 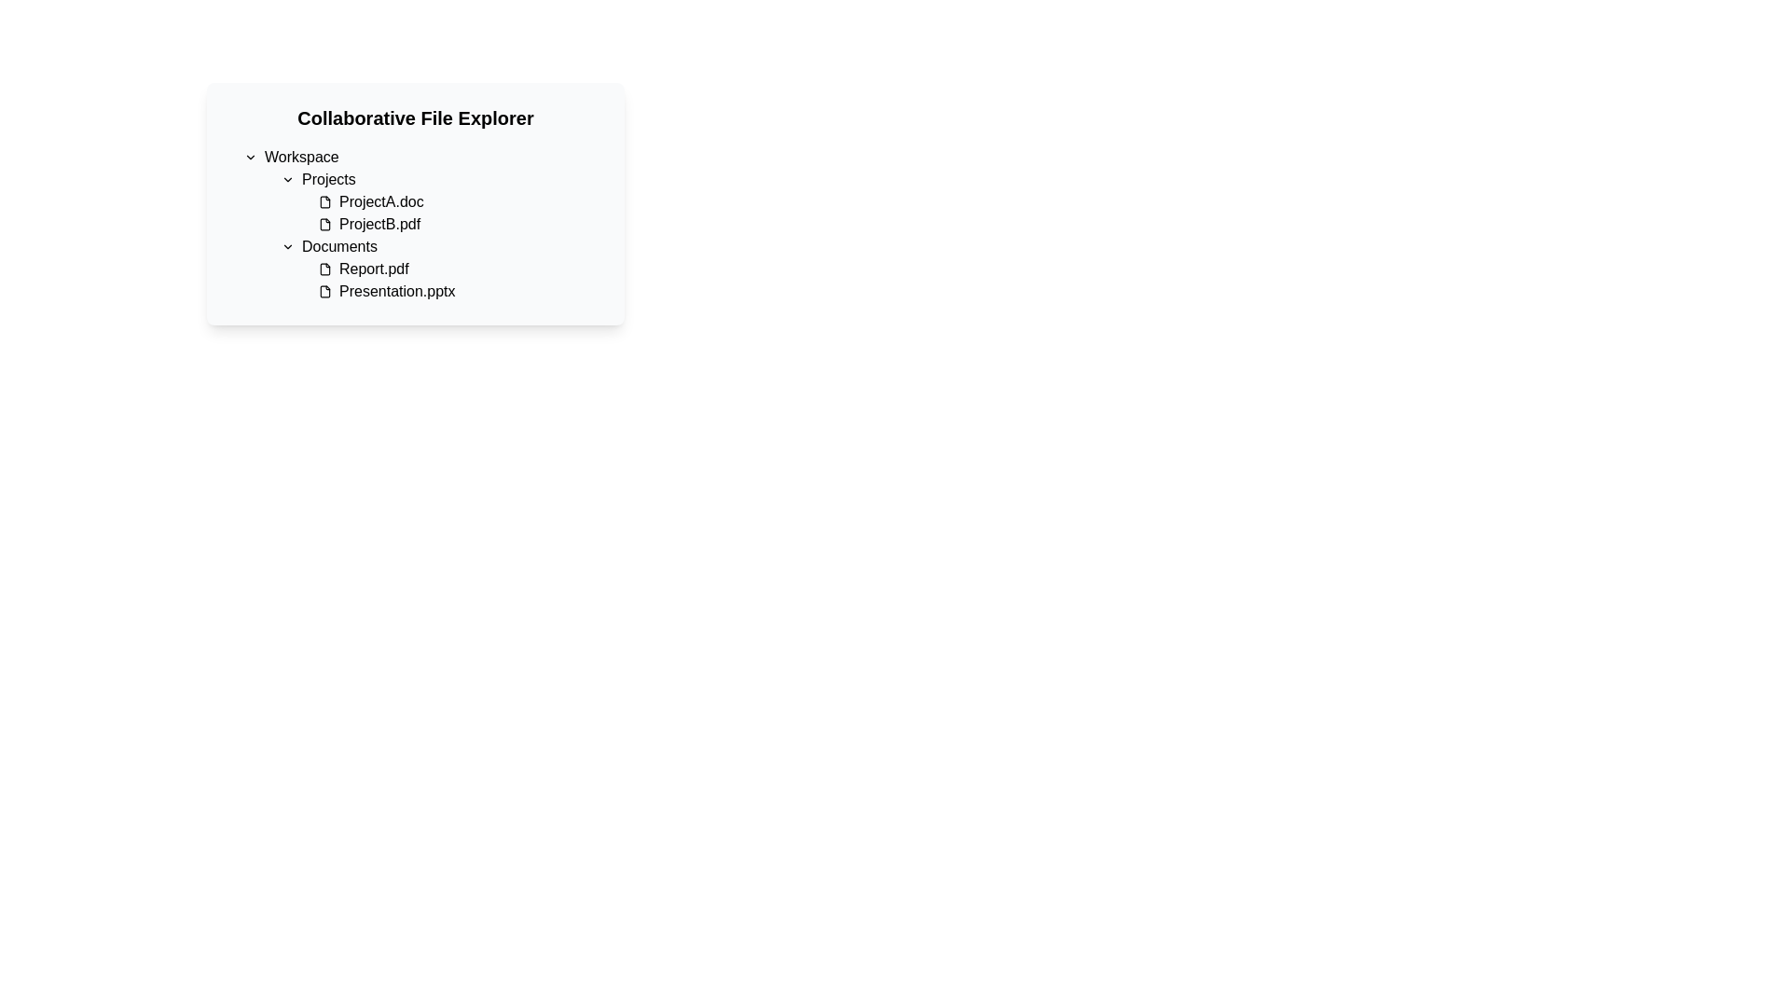 What do you see at coordinates (433, 235) in the screenshot?
I see `a folder or file by clicking on its name in the hierarchical list view located in the 'Workspace' section of the file explorer interface` at bounding box center [433, 235].